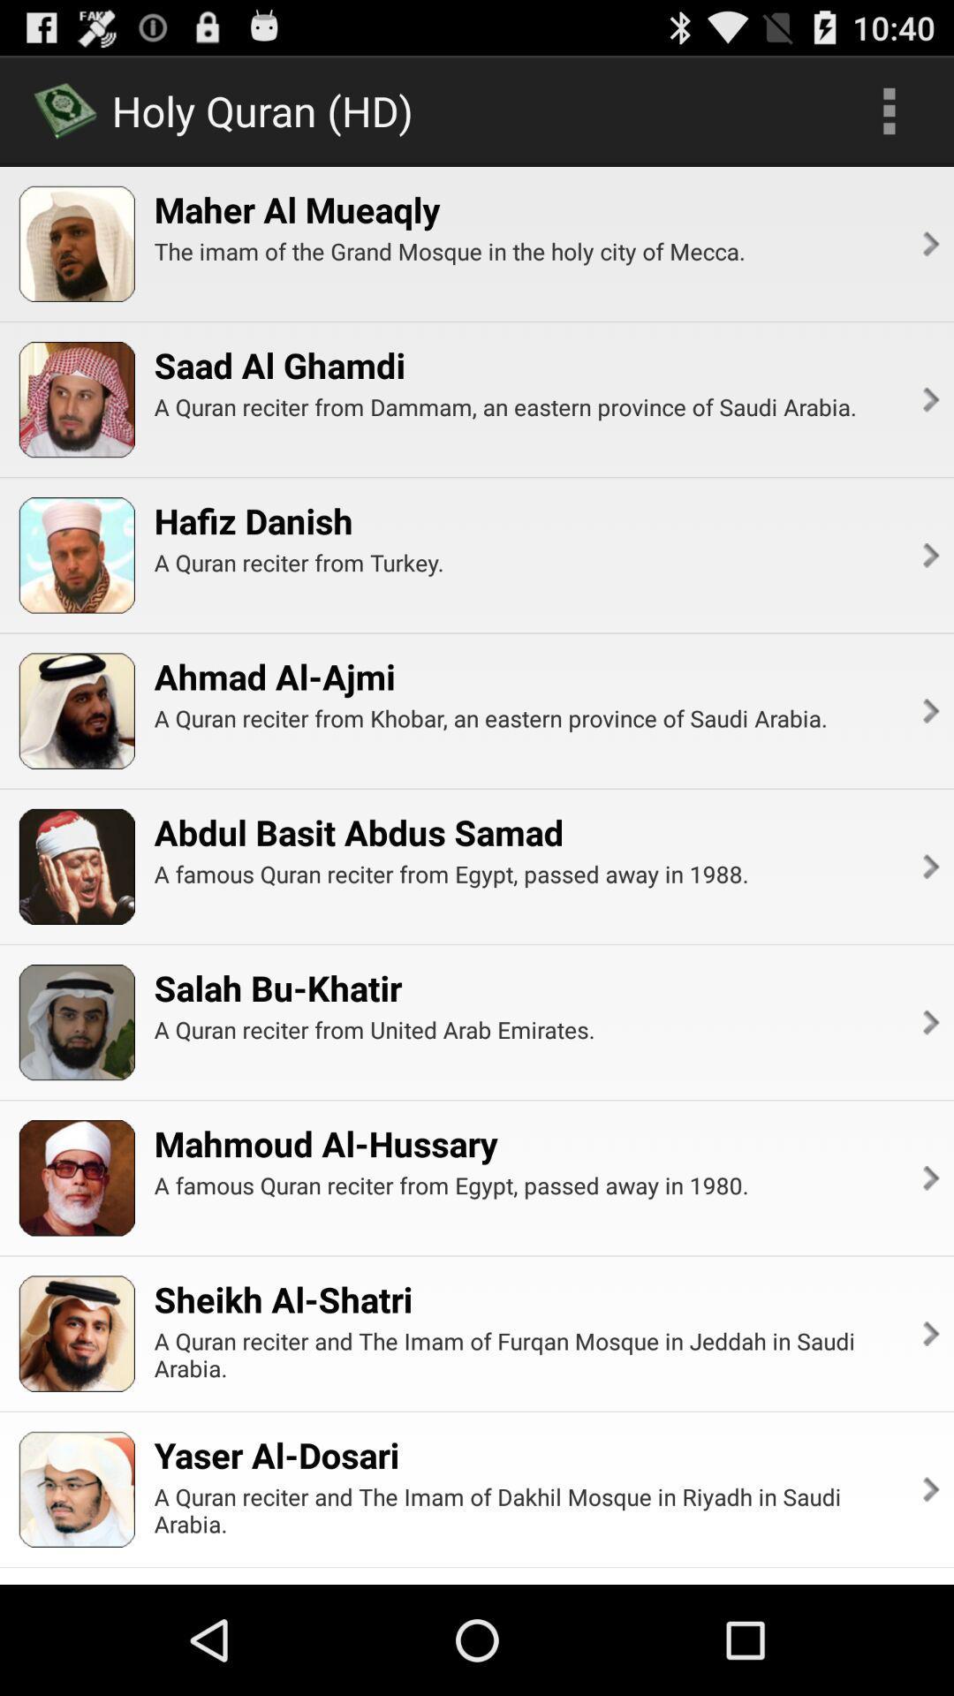 Image resolution: width=954 pixels, height=1696 pixels. What do you see at coordinates (928, 554) in the screenshot?
I see `the app next to the a quran reciter item` at bounding box center [928, 554].